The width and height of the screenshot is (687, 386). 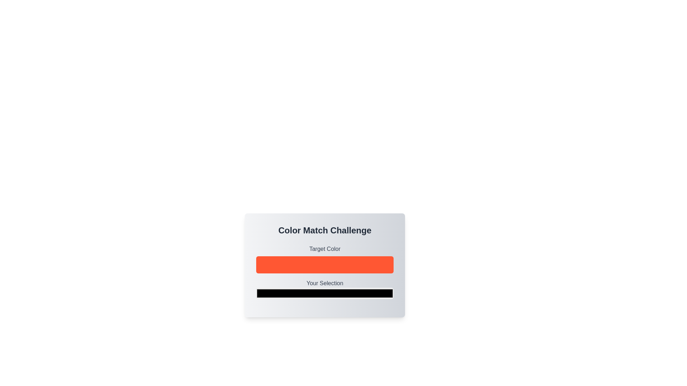 What do you see at coordinates (324, 249) in the screenshot?
I see `the descriptive text label for the color preview section, which is located above the bright orange rectangular area and centered under the title 'Color Match Challenge'` at bounding box center [324, 249].